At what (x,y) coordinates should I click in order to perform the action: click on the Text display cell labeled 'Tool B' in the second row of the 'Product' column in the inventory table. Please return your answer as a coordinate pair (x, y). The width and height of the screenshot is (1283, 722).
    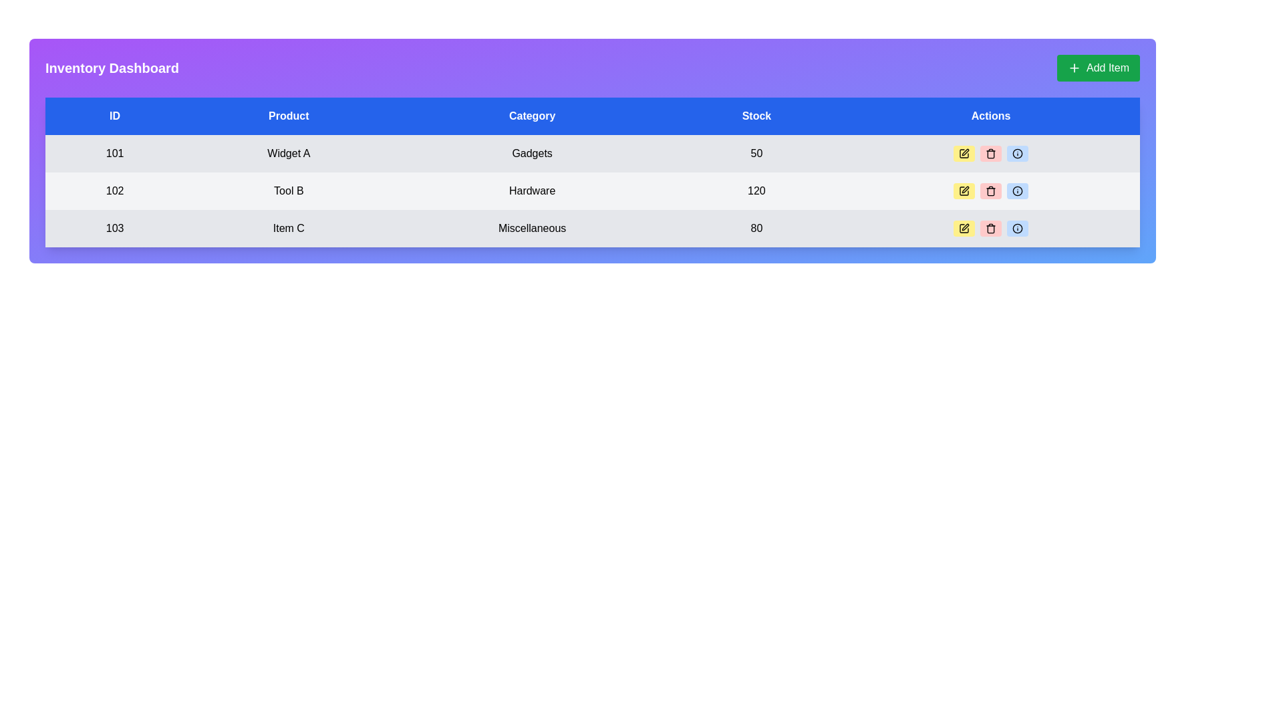
    Looking at the image, I should click on (288, 191).